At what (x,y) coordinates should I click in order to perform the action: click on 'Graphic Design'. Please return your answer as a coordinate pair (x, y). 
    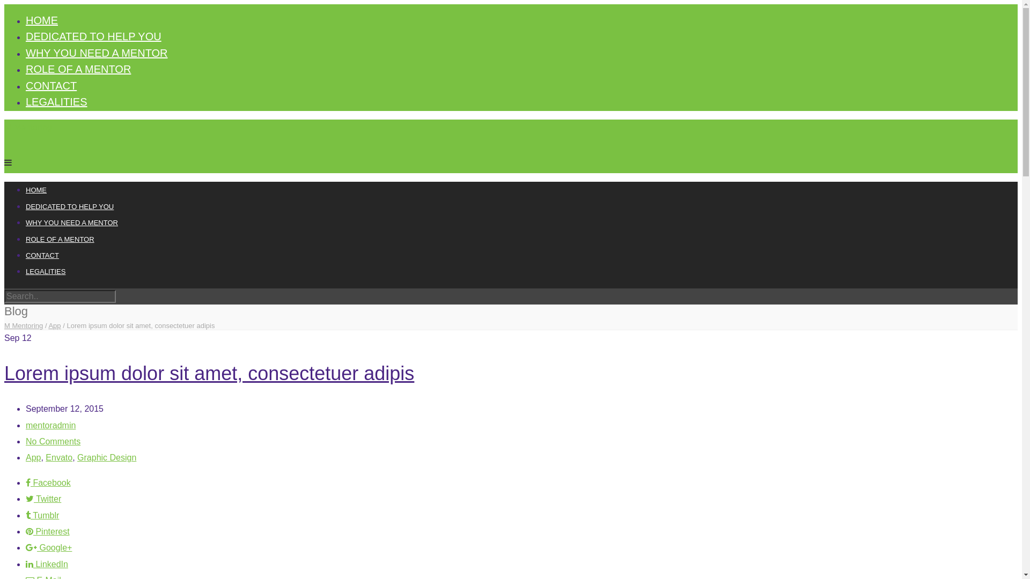
    Looking at the image, I should click on (77, 457).